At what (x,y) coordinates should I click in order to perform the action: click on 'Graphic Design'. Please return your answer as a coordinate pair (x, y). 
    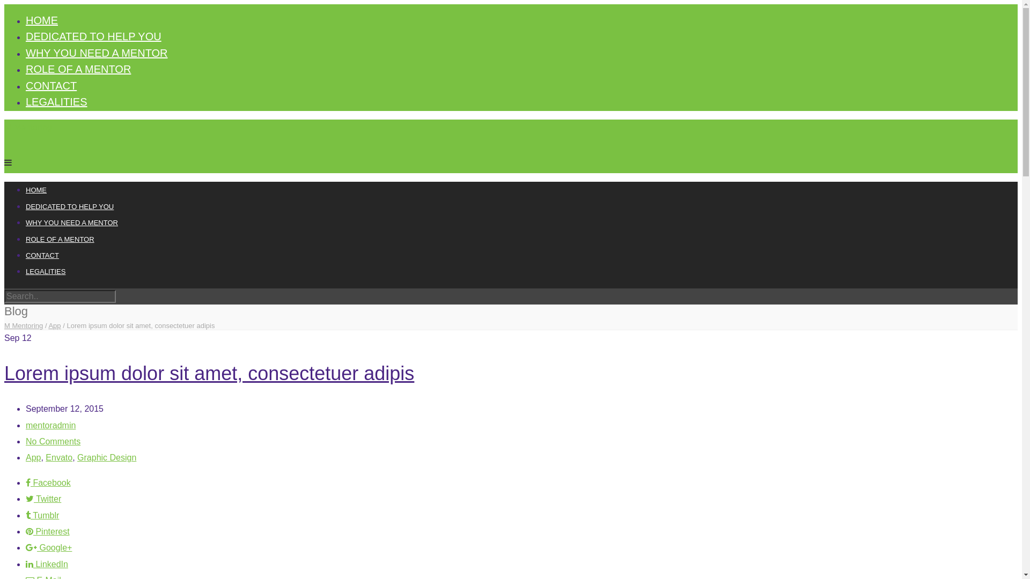
    Looking at the image, I should click on (77, 457).